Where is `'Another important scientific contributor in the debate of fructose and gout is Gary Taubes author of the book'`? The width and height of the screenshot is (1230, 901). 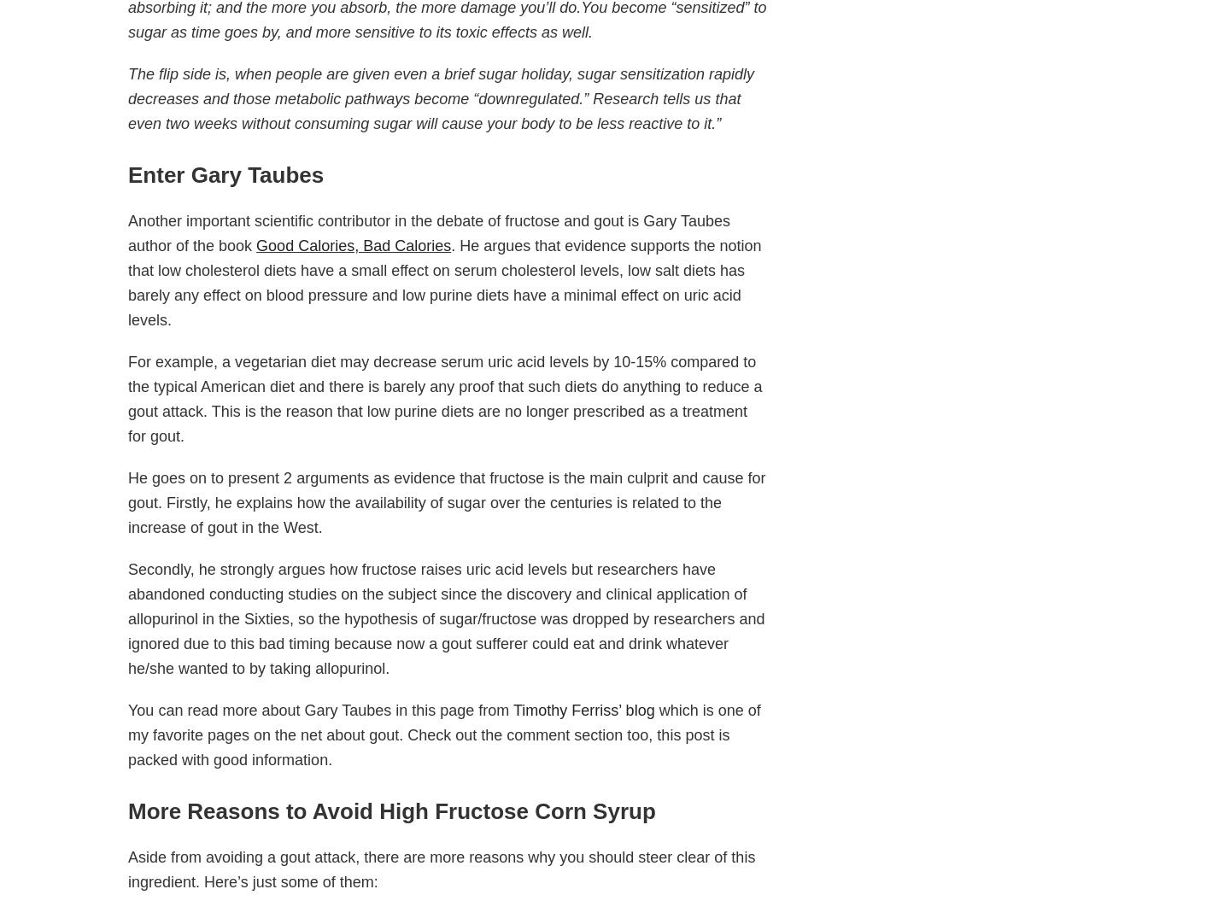
'Another important scientific contributor in the debate of fructose and gout is Gary Taubes author of the book' is located at coordinates (428, 233).